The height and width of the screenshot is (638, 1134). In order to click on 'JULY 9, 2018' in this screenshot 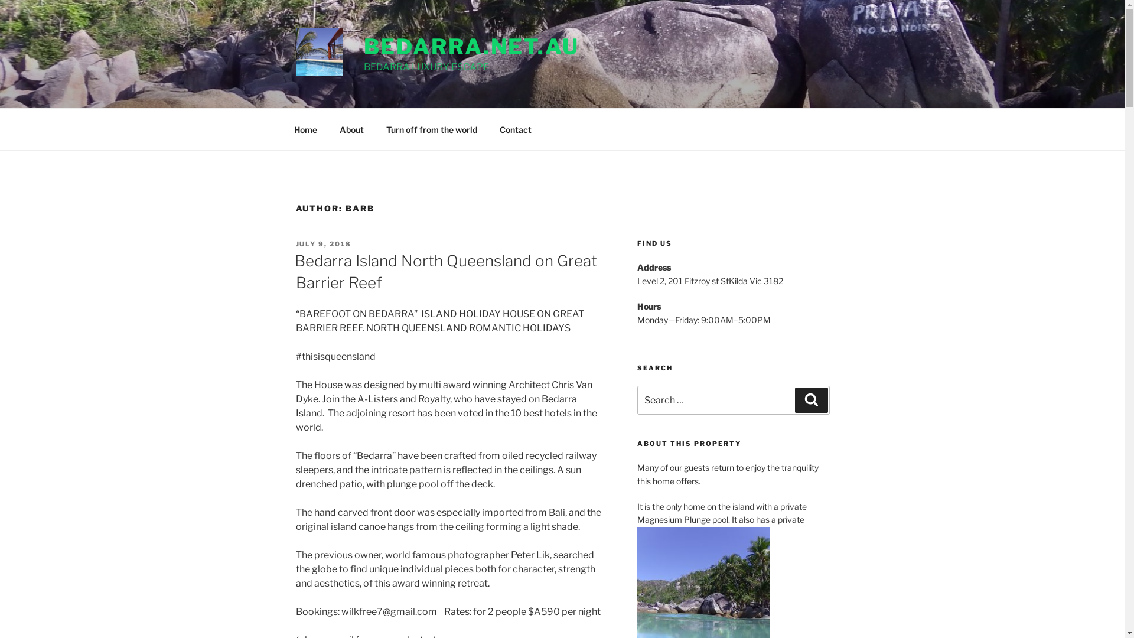, I will do `click(323, 243)`.